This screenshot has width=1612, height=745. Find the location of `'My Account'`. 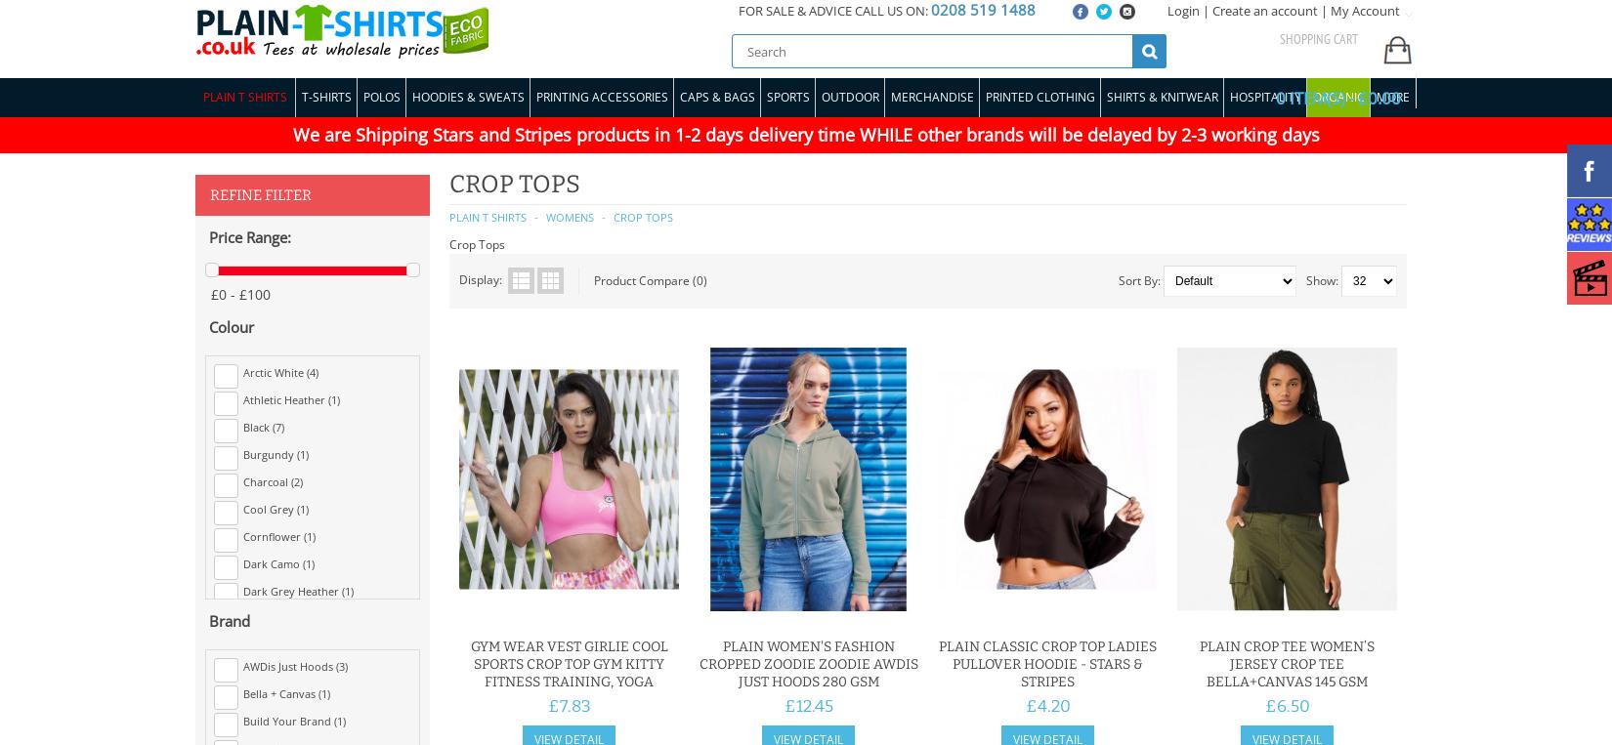

'My Account' is located at coordinates (1364, 9).